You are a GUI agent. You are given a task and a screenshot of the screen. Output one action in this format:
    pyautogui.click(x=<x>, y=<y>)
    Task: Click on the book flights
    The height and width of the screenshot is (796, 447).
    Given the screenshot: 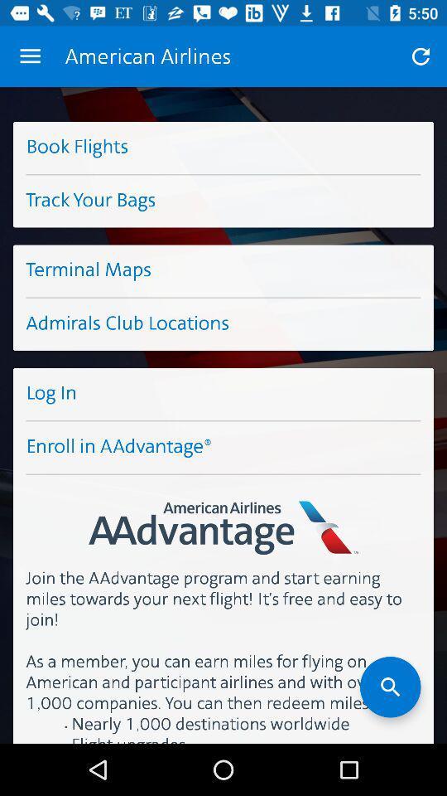 What is the action you would take?
    pyautogui.click(x=223, y=147)
    